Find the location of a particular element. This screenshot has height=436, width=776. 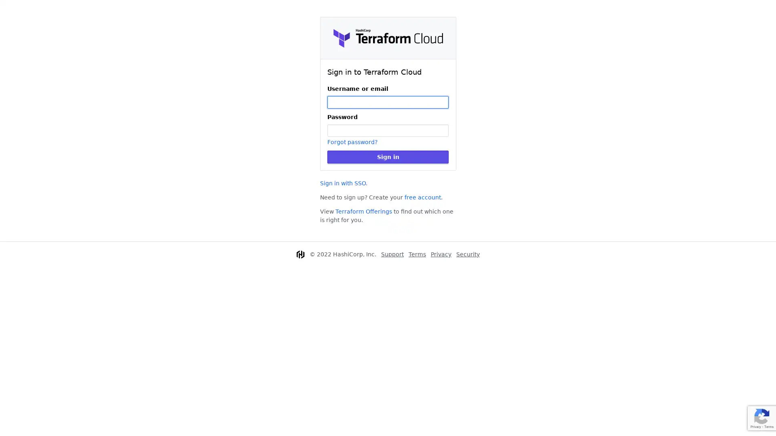

Sign in is located at coordinates (388, 157).